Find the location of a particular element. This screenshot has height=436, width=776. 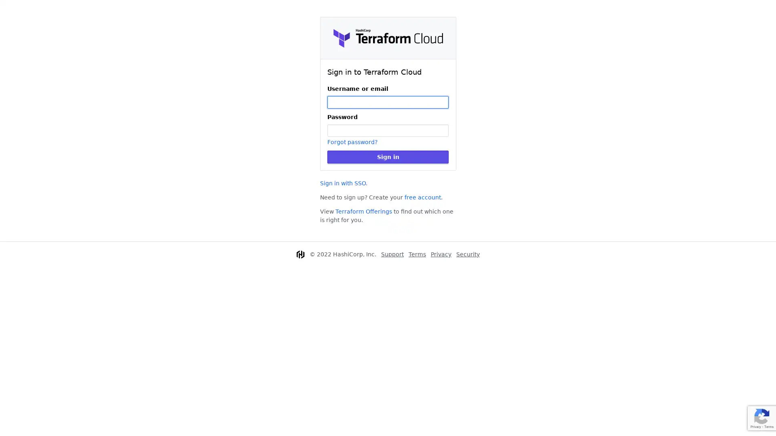

Sign in is located at coordinates (388, 157).